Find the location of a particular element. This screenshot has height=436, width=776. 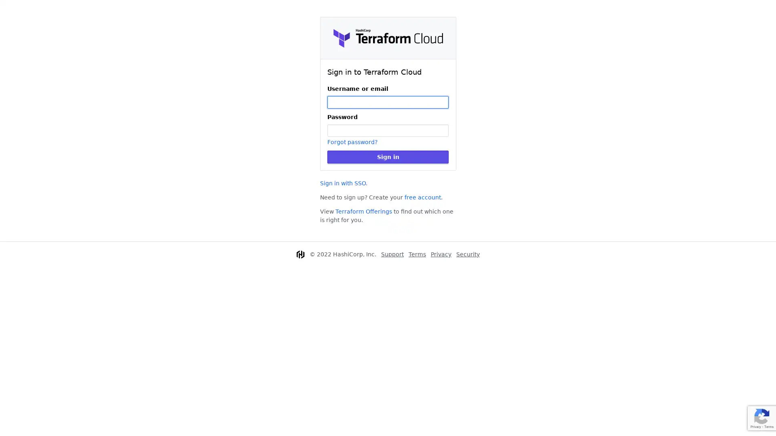

Sign in is located at coordinates (388, 157).